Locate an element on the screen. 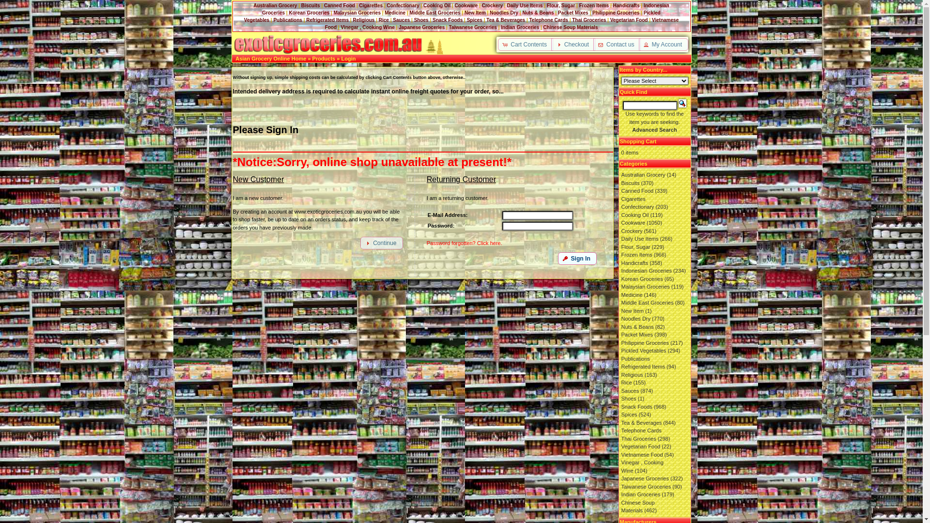  ' Quick Find ' is located at coordinates (682, 103).